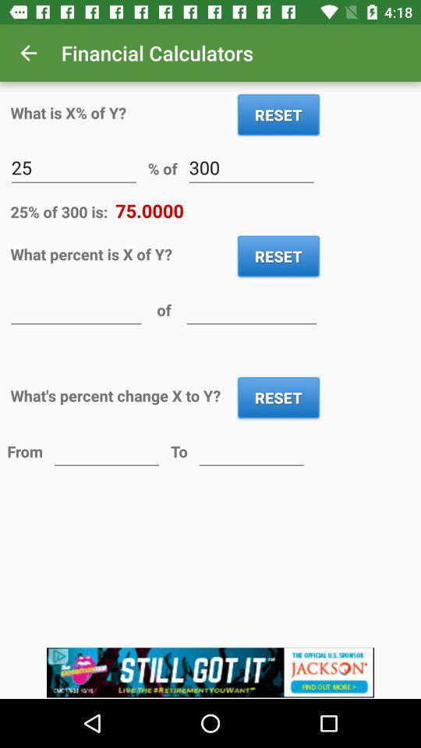 This screenshot has height=748, width=421. I want to click on value, so click(106, 450).